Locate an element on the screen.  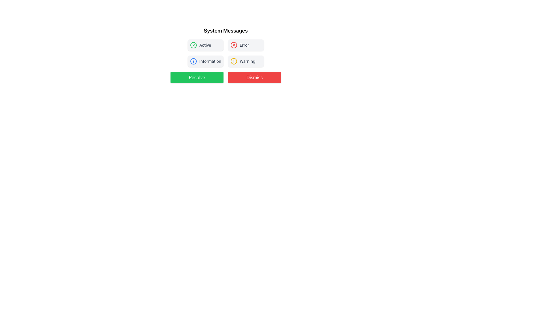
the alert icon, which is a circular warning indicator with a yellow outline, located to the left of the 'Warning' text label in a grid-style layout is located at coordinates (234, 61).